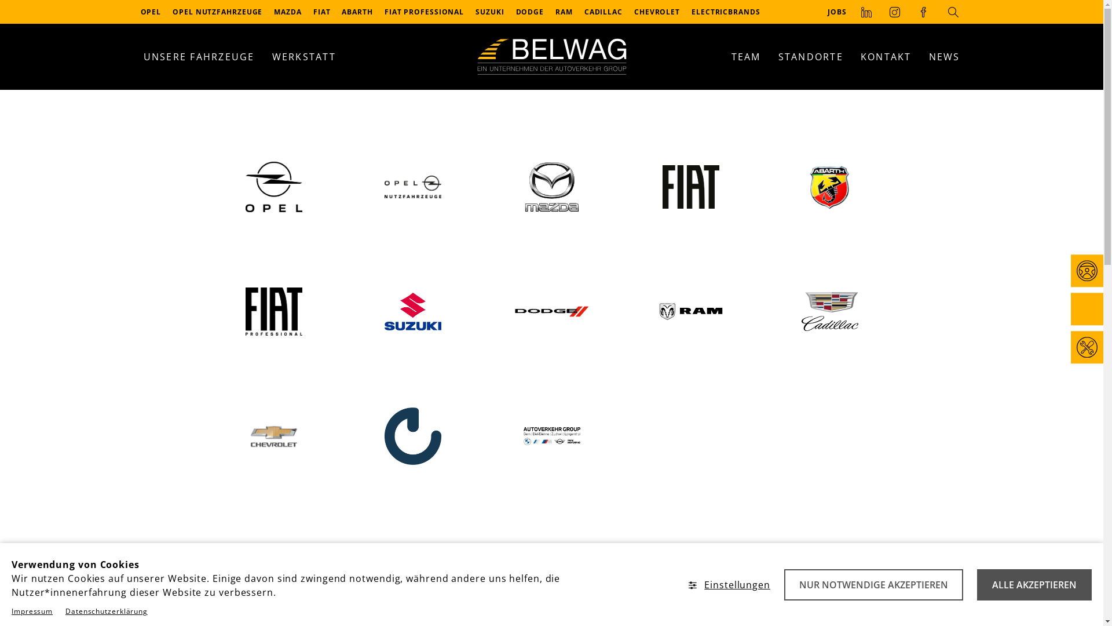 This screenshot has height=626, width=1112. I want to click on 'Mazda', so click(550, 186).